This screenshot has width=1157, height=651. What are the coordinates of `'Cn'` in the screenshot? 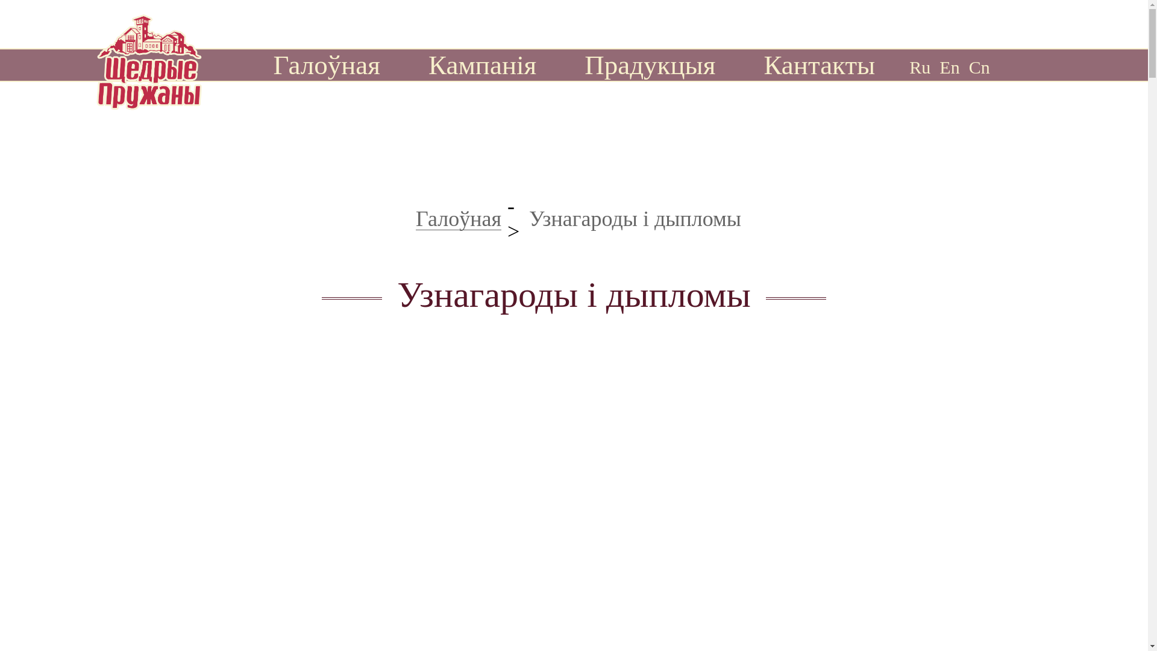 It's located at (979, 66).